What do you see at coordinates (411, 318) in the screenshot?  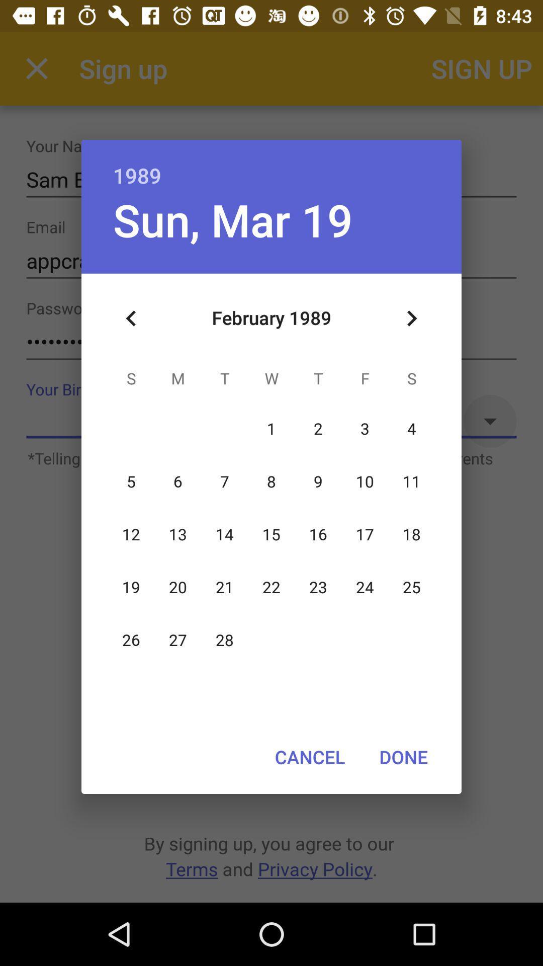 I see `item at the top right corner` at bounding box center [411, 318].